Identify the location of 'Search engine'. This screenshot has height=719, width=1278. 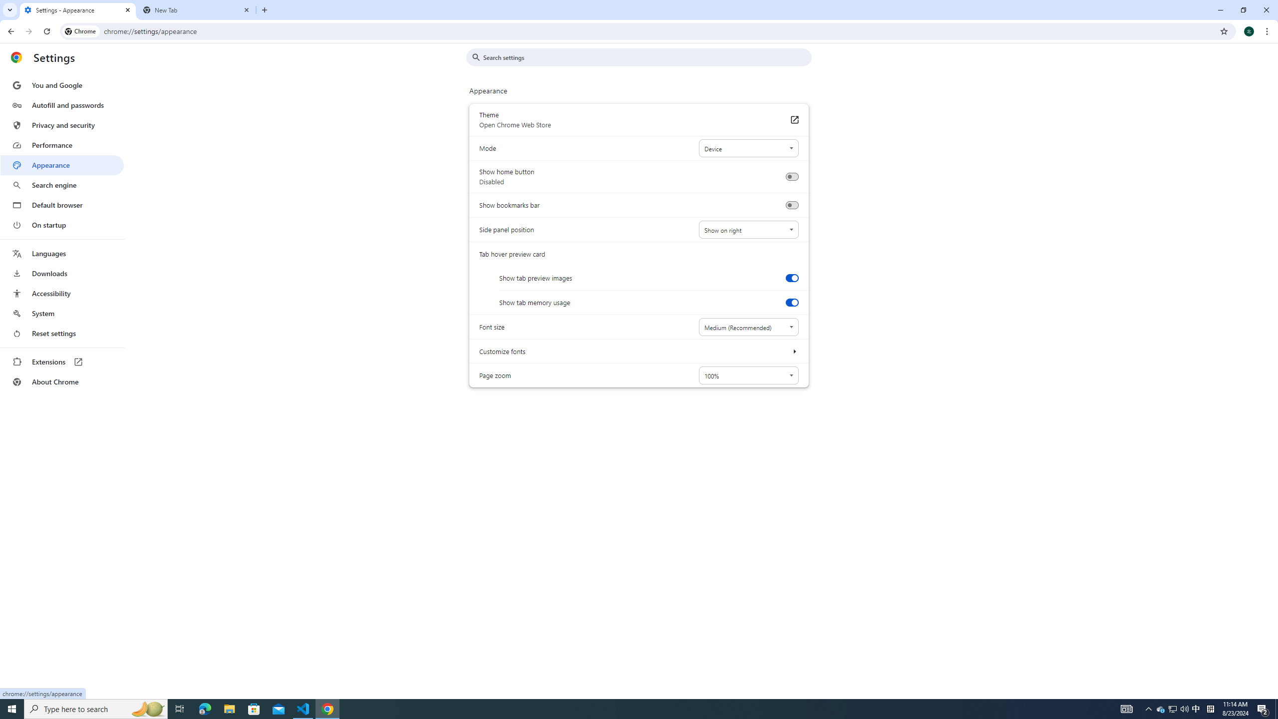
(61, 185).